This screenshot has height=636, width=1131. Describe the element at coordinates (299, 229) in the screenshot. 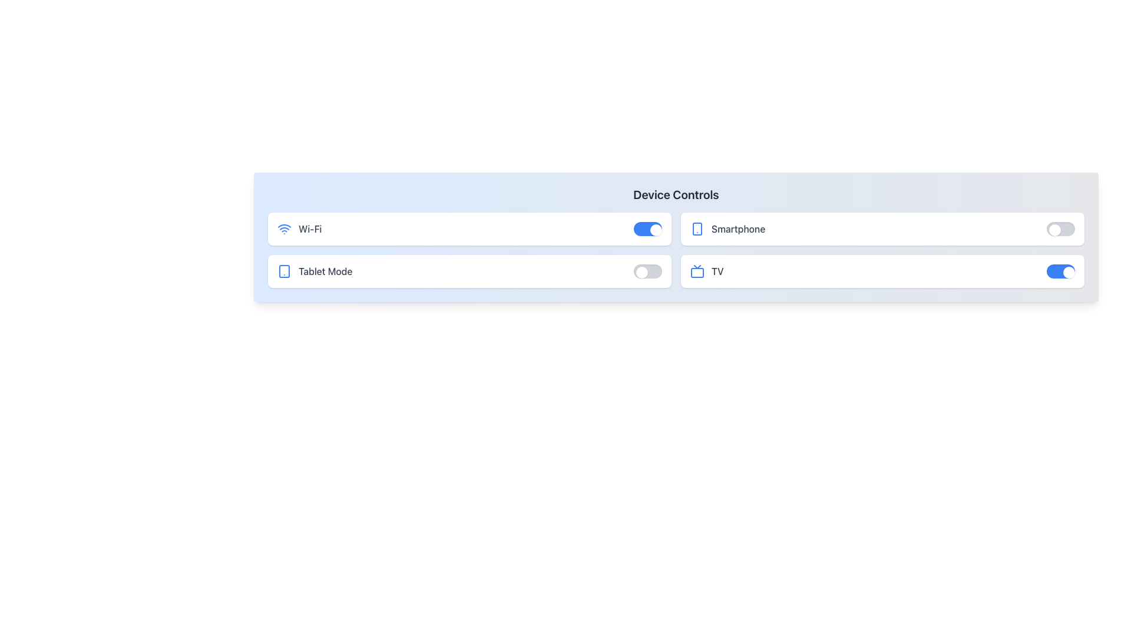

I see `text from the Wi-Fi settings icon and label located in the 'Device Controls' section, positioned in the first row above 'Tablet Mode'` at that location.